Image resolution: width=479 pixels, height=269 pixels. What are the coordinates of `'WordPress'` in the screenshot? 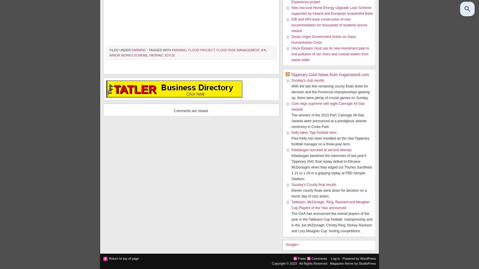 It's located at (368, 258).